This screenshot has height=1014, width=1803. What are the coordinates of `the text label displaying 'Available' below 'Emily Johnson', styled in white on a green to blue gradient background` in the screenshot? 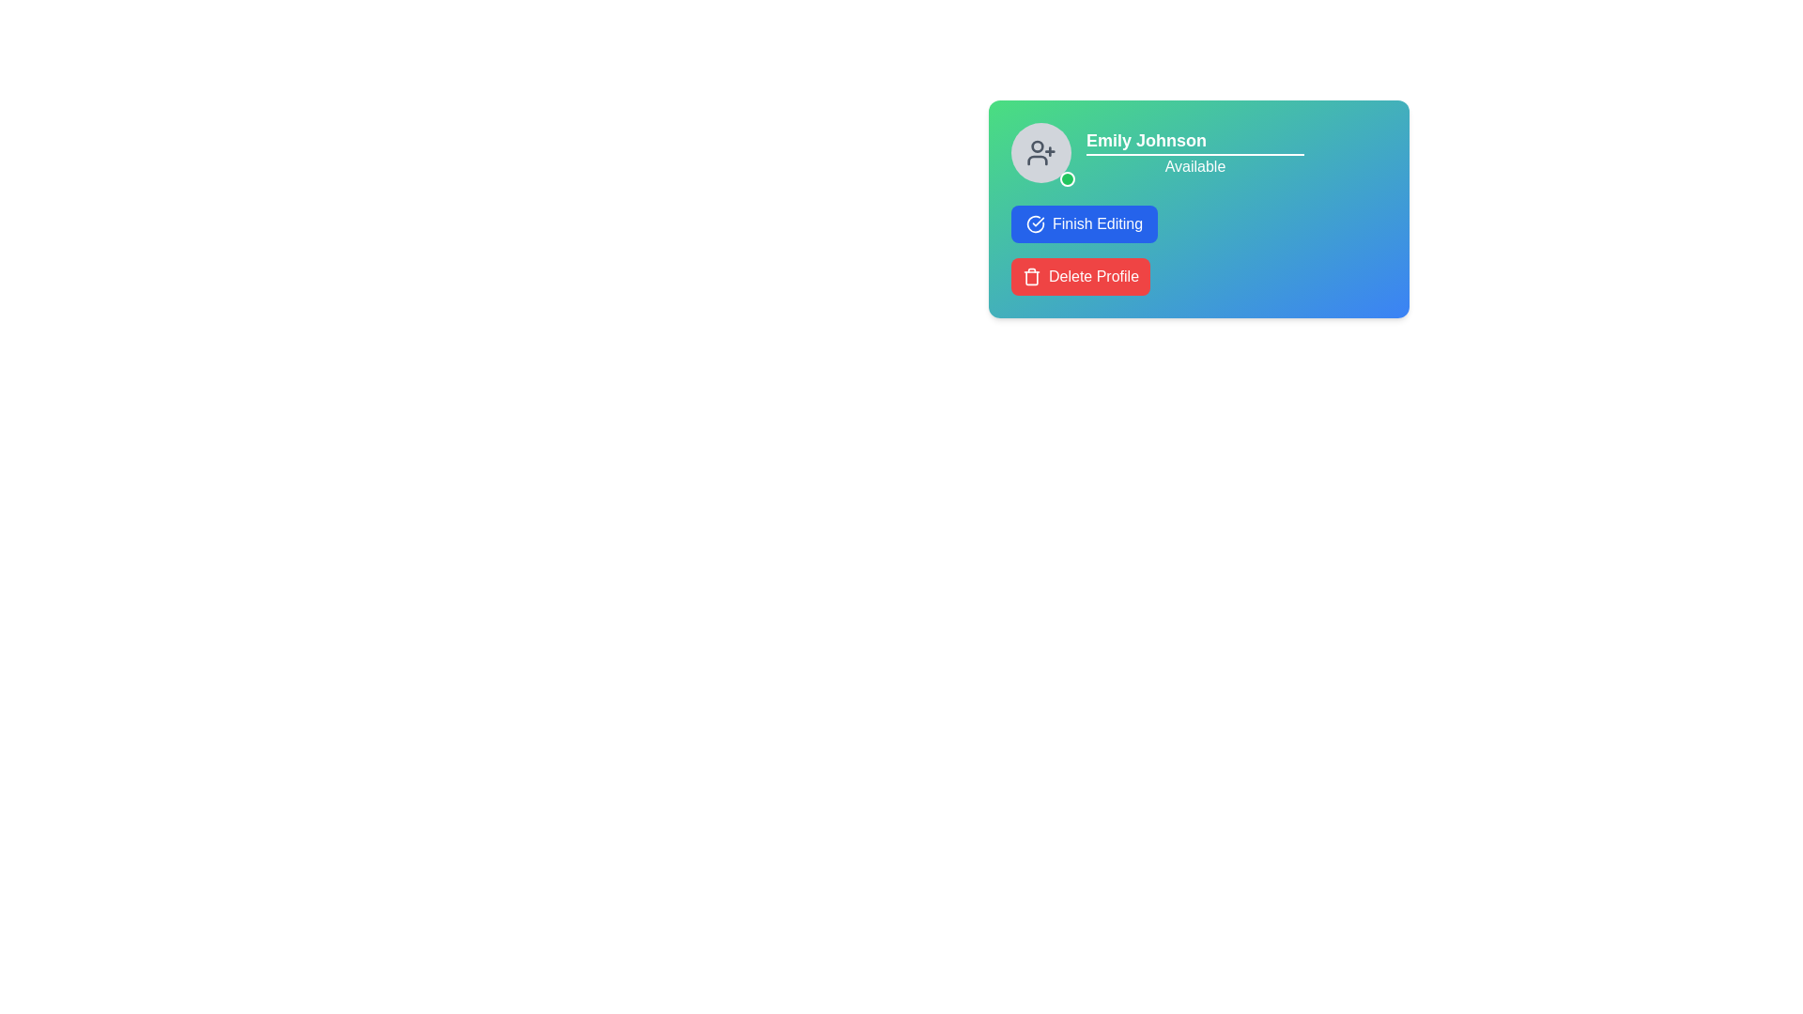 It's located at (1197, 151).